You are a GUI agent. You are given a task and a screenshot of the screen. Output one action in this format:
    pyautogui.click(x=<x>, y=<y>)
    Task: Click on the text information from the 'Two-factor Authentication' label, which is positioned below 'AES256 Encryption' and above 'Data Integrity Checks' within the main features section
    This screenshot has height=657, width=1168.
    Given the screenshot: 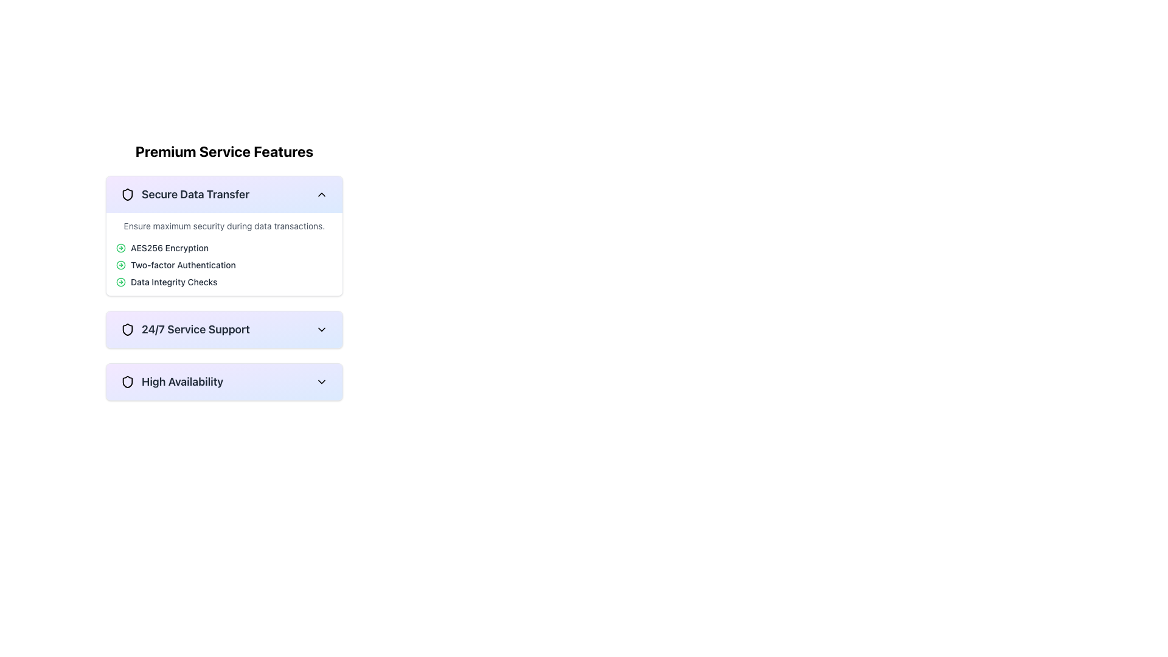 What is the action you would take?
    pyautogui.click(x=182, y=264)
    